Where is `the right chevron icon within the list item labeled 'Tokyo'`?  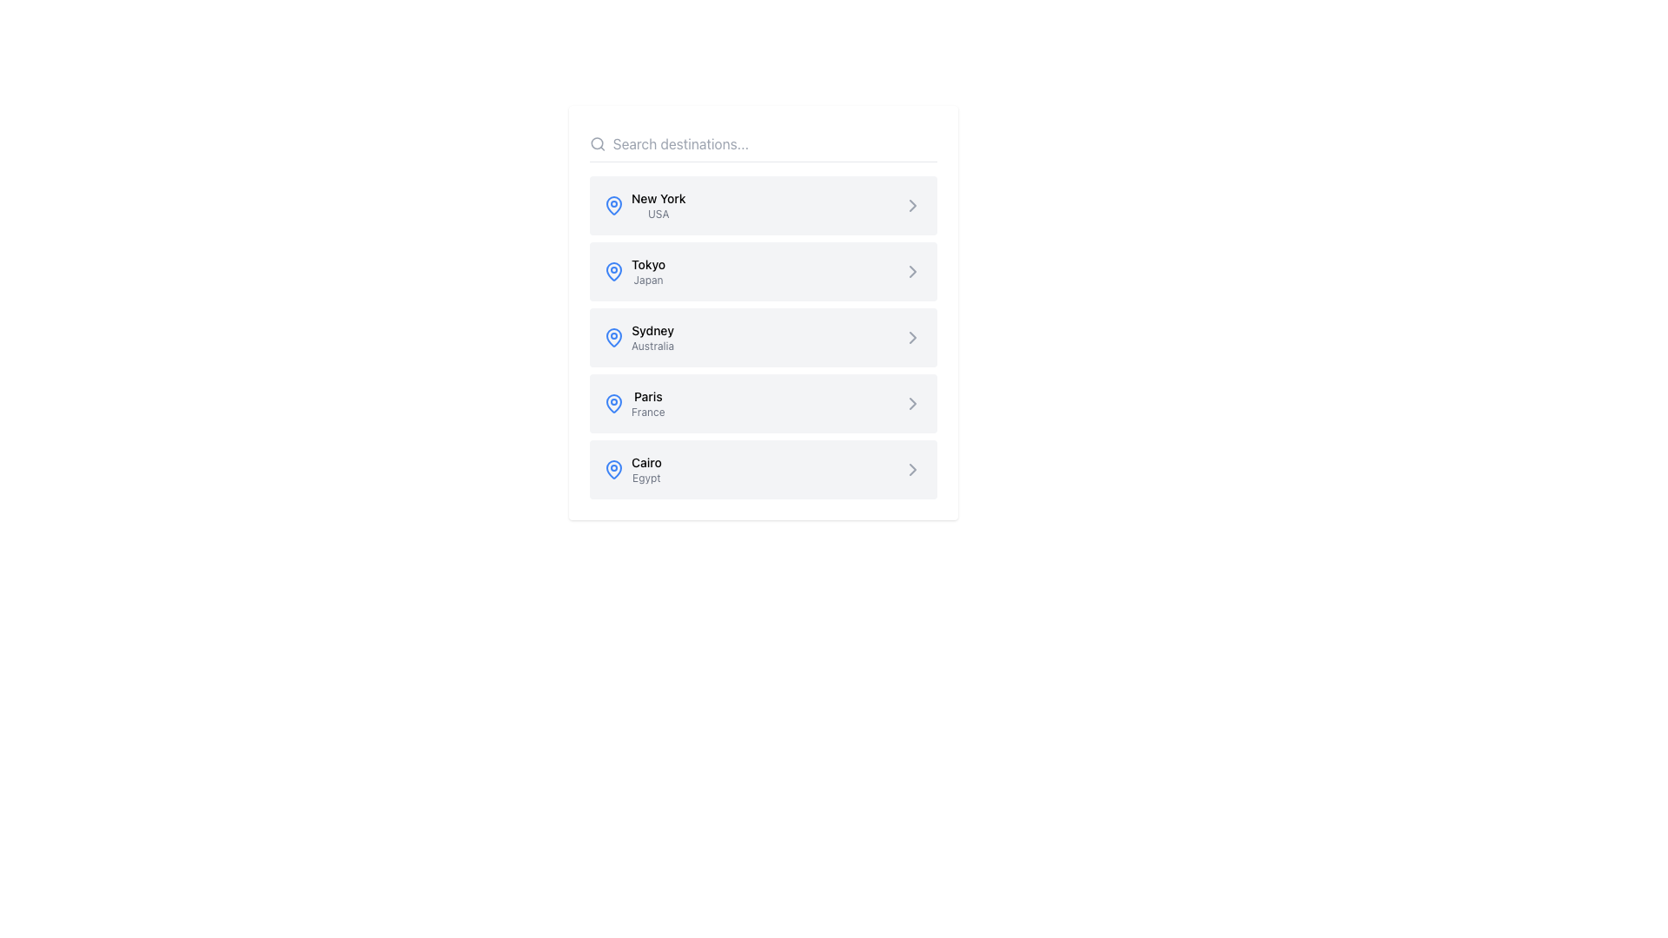
the right chevron icon within the list item labeled 'Tokyo' is located at coordinates (912, 271).